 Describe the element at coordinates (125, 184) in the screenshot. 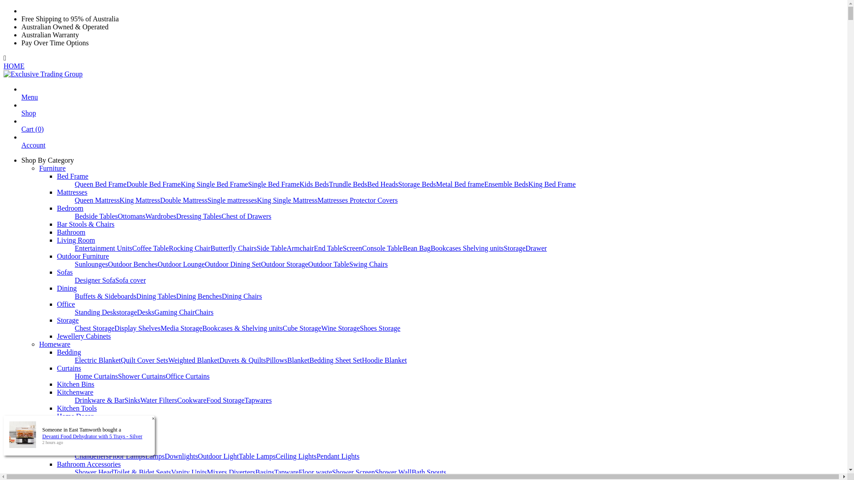

I see `'Double Bed Frame'` at that location.